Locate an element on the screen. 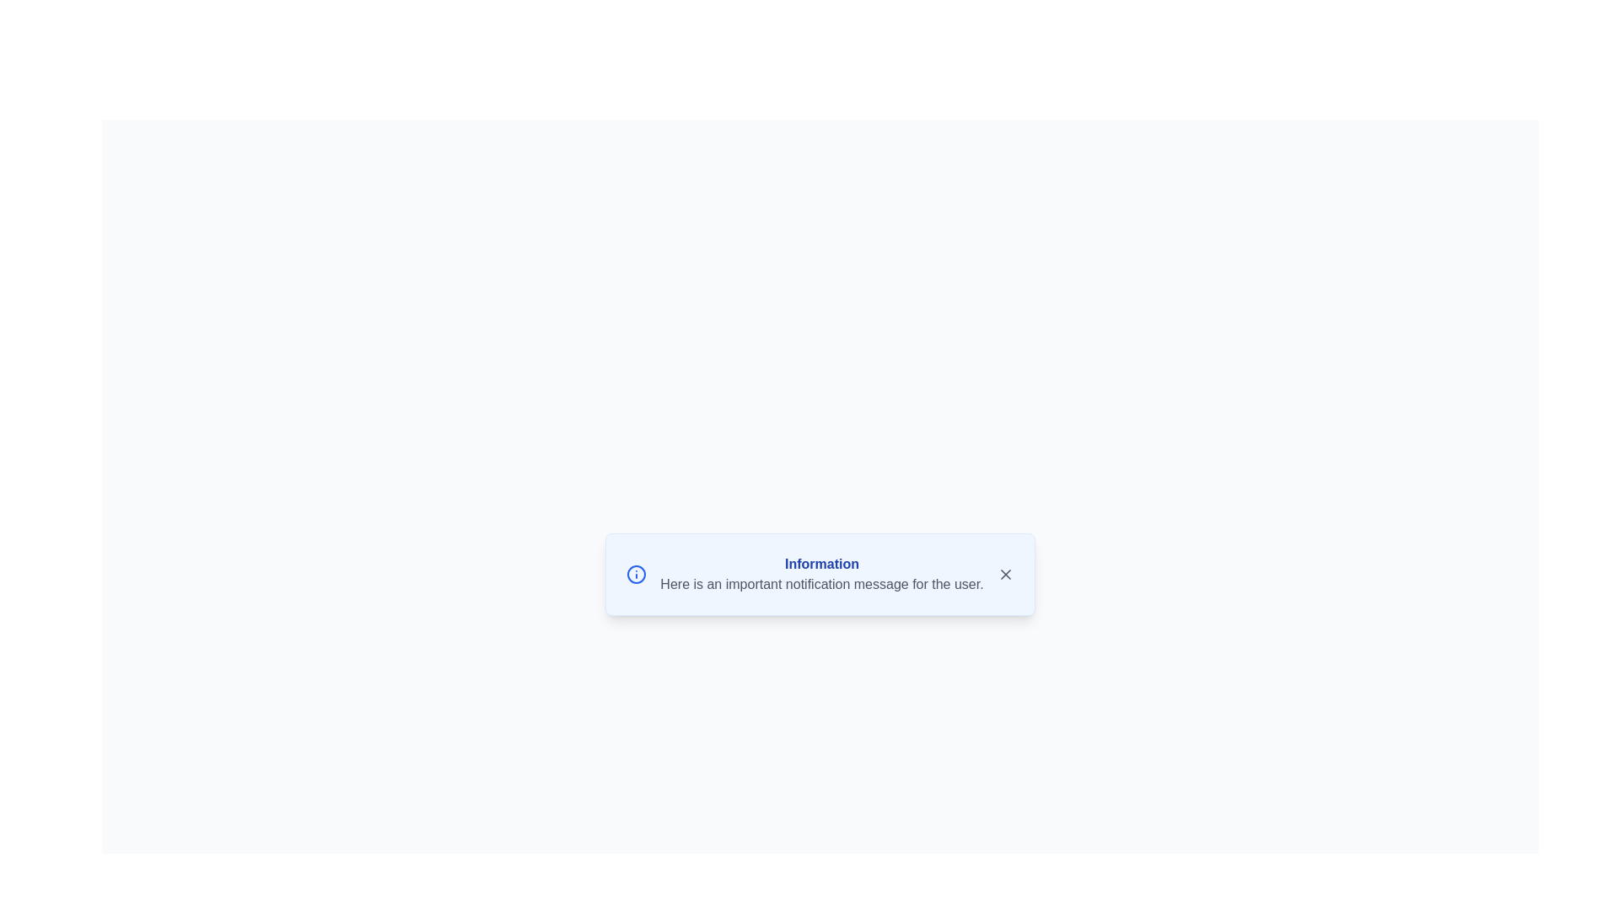  the close (X) button located at the top-right corner of the notification panel is located at coordinates (1005, 574).